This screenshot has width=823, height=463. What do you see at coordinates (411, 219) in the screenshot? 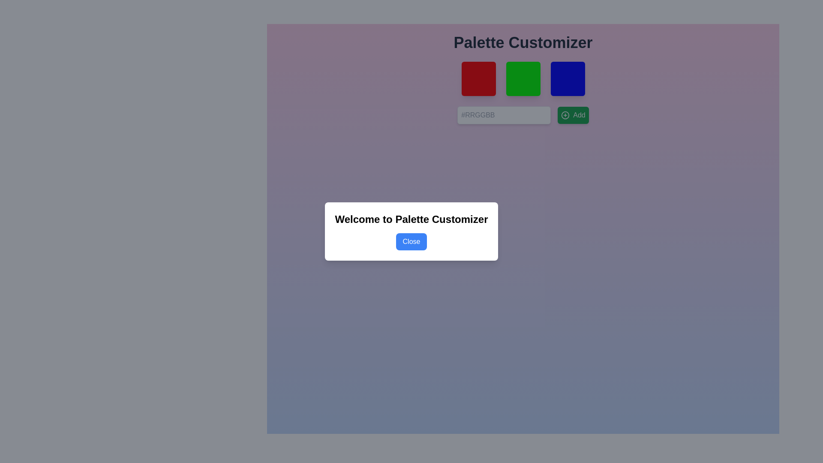
I see `bold text header 'Welcome to Palette Customizer' that is centered in a white dialog box, located above the 'Close' button` at bounding box center [411, 219].